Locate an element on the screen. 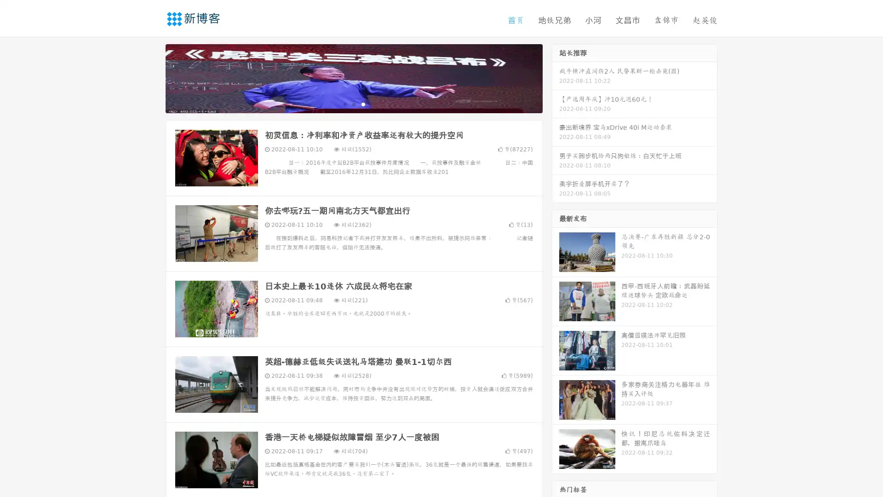 The width and height of the screenshot is (883, 497). Go to slide 2 is located at coordinates (353, 104).